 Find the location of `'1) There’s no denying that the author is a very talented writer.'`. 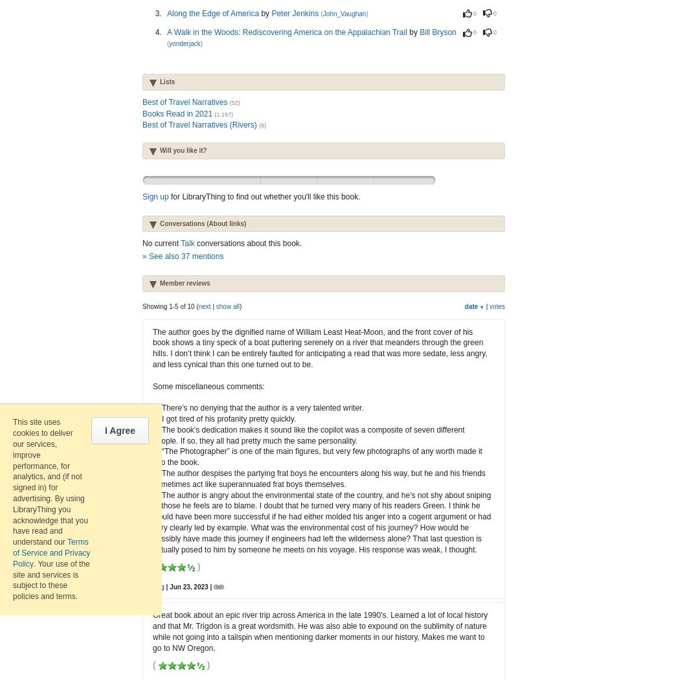

'1) There’s no denying that the author is a very talented writer.' is located at coordinates (257, 408).